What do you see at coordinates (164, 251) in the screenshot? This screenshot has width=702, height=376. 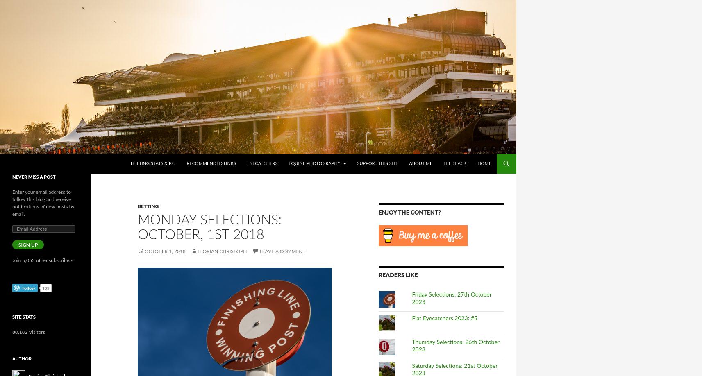 I see `'October 1, 2018'` at bounding box center [164, 251].